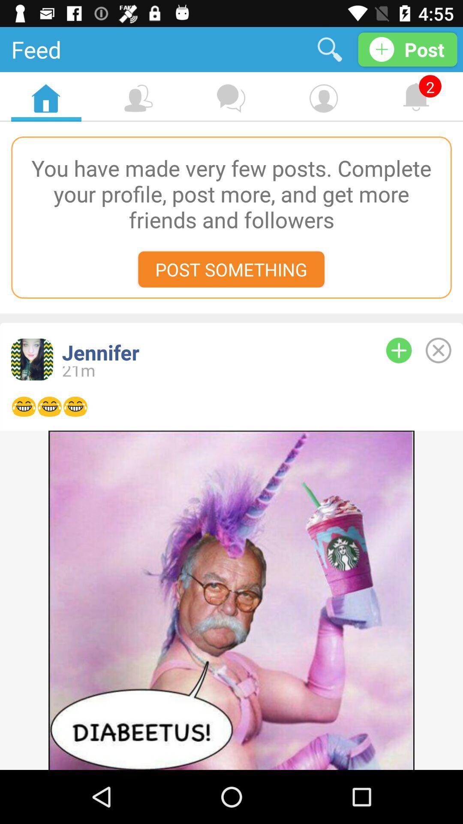 This screenshot has width=463, height=824. Describe the element at coordinates (329, 49) in the screenshot. I see `item to the left of post item` at that location.